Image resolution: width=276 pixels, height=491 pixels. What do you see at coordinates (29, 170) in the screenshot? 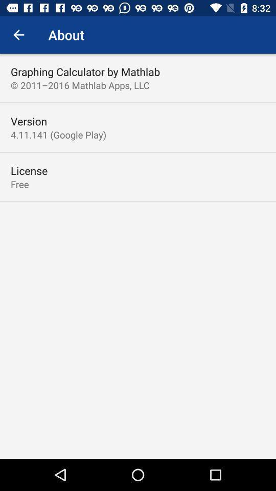
I see `the icon above free` at bounding box center [29, 170].